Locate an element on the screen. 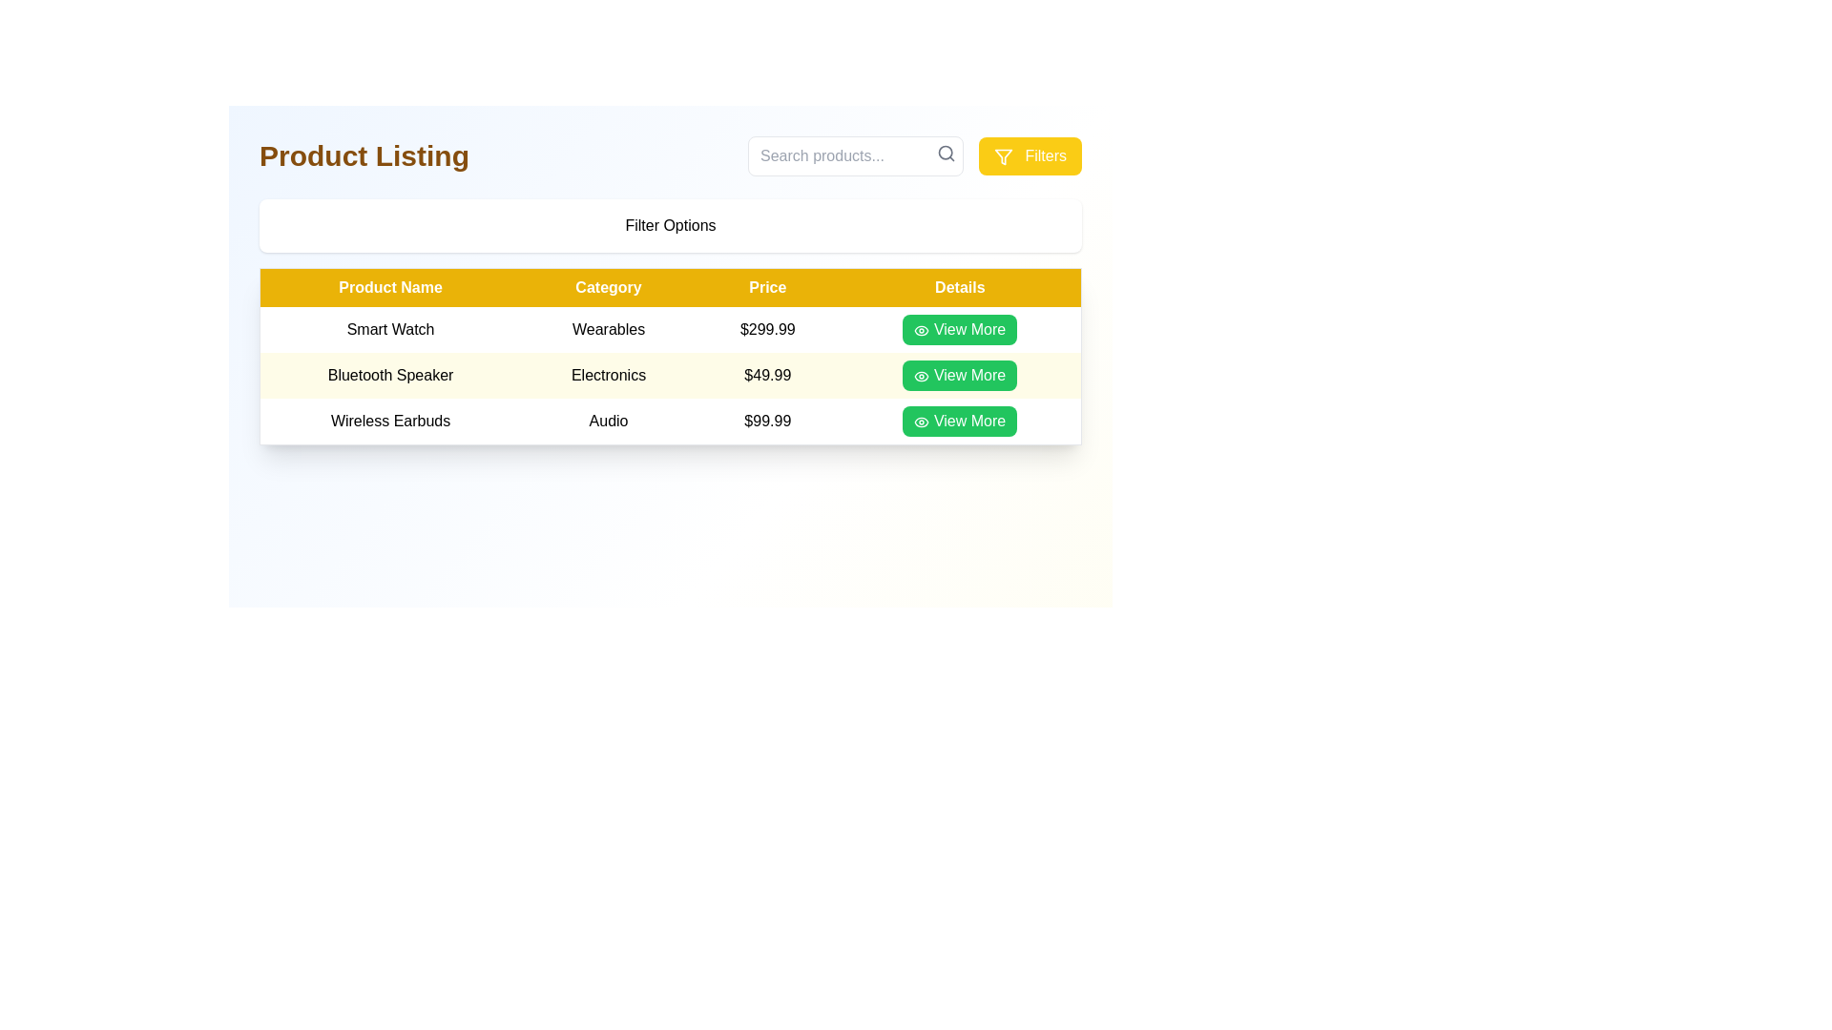  the 'Wearables' label in the 'Category' column of the first row in the product listing table is located at coordinates (608, 329).